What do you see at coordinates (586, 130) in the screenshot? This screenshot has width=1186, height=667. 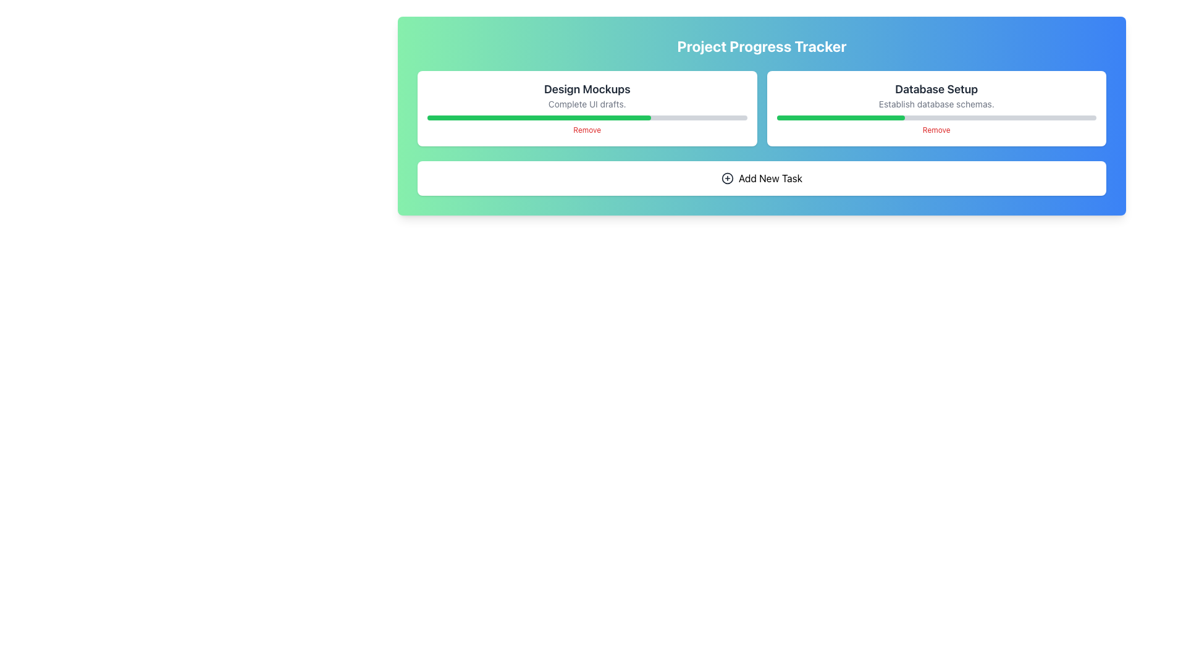 I see `the 'Remove' button located at the bottom of the 'Design Mockups' card` at bounding box center [586, 130].